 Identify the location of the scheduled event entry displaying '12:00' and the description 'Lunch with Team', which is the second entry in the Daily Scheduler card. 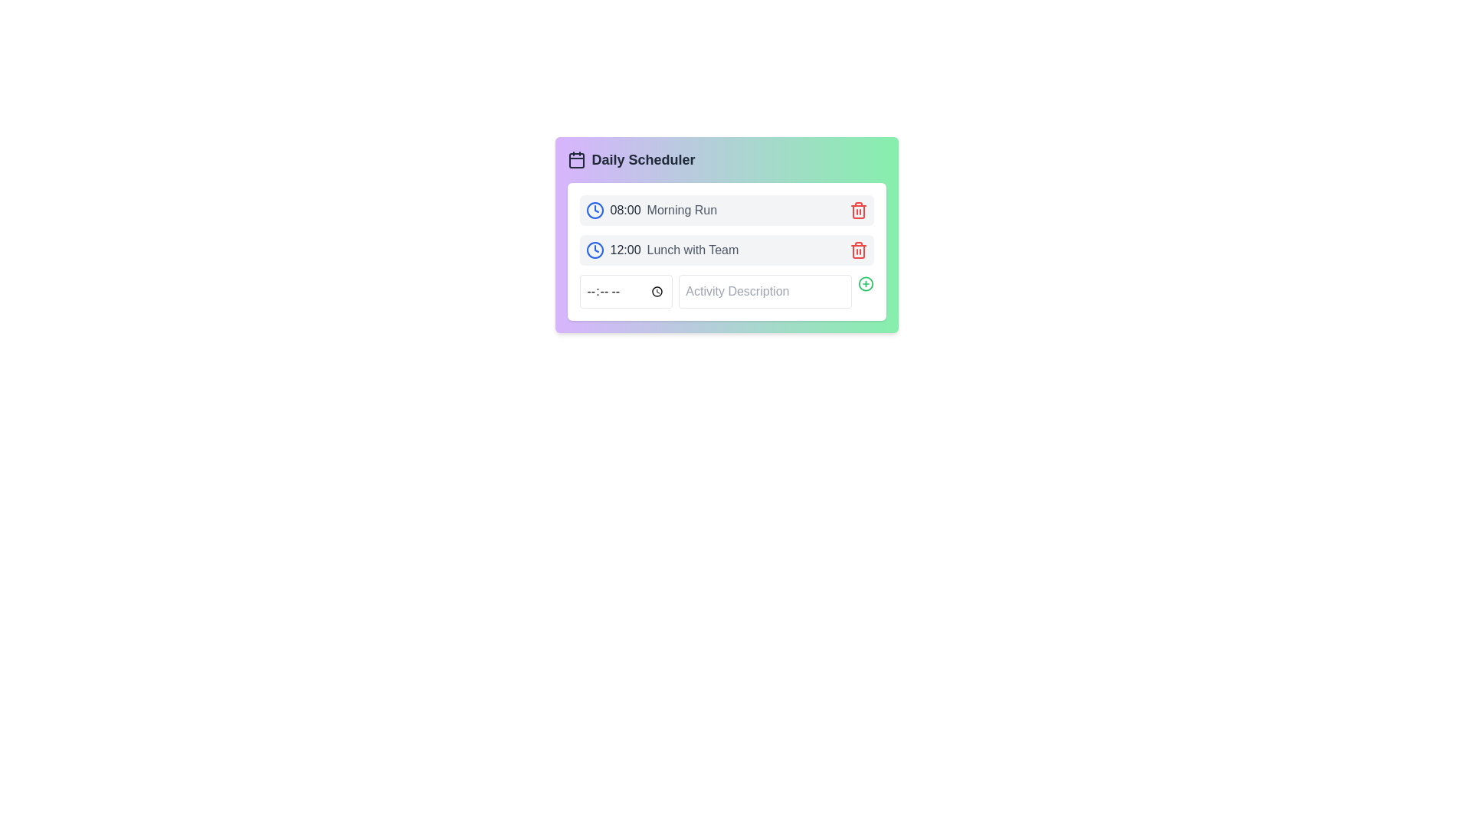
(662, 250).